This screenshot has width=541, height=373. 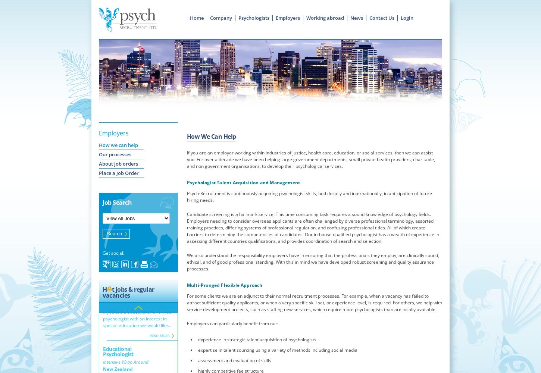 What do you see at coordinates (159, 307) in the screenshot?
I see `'Read More'` at bounding box center [159, 307].